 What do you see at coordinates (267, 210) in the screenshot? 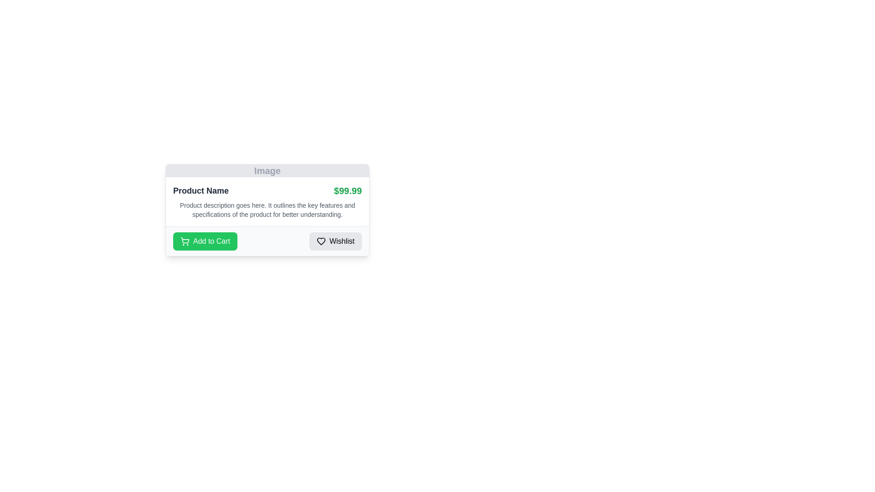
I see `text paragraph that is displayed in a smaller gray font located beneath the product title 'Product Name' and to the left of the price '$99.99'` at bounding box center [267, 210].